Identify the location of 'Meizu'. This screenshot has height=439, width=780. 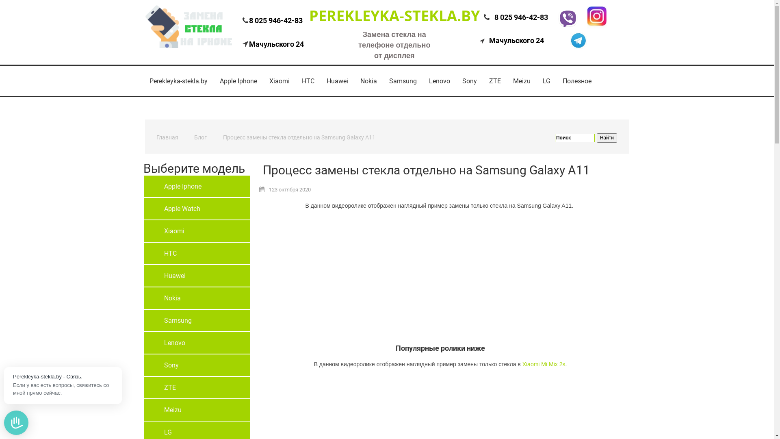
(196, 410).